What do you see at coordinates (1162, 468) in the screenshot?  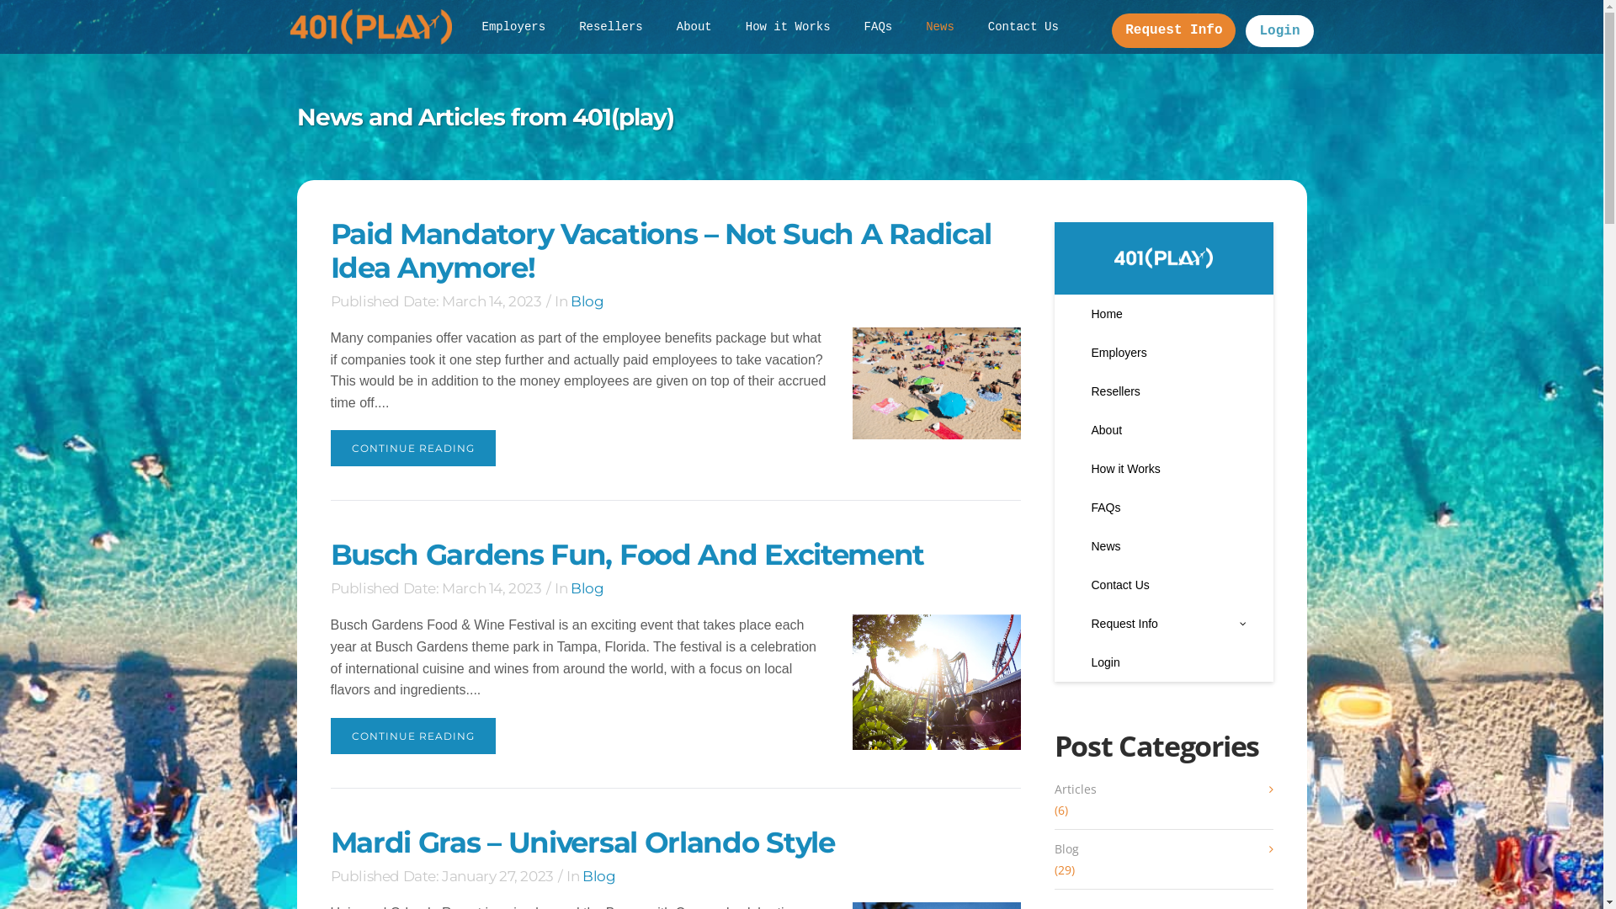 I see `'How it Works'` at bounding box center [1162, 468].